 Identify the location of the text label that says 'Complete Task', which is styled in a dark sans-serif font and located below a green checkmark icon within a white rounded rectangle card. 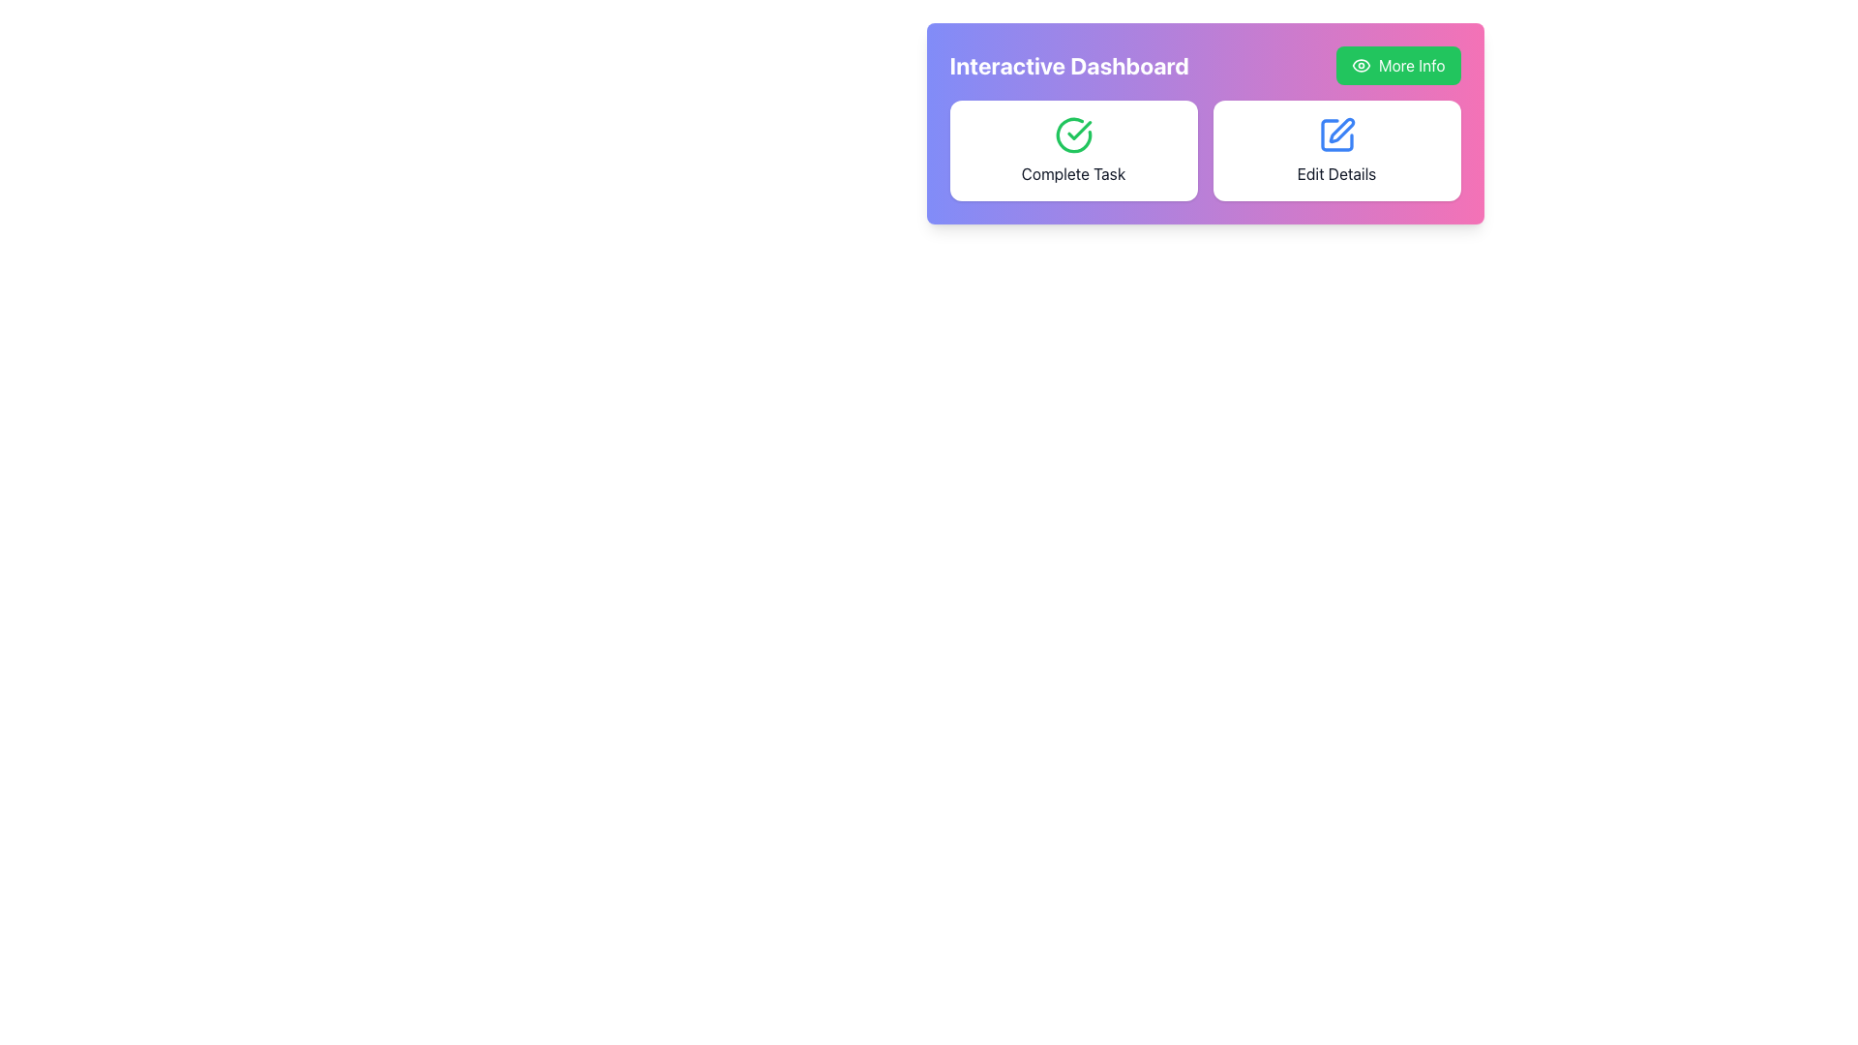
(1072, 174).